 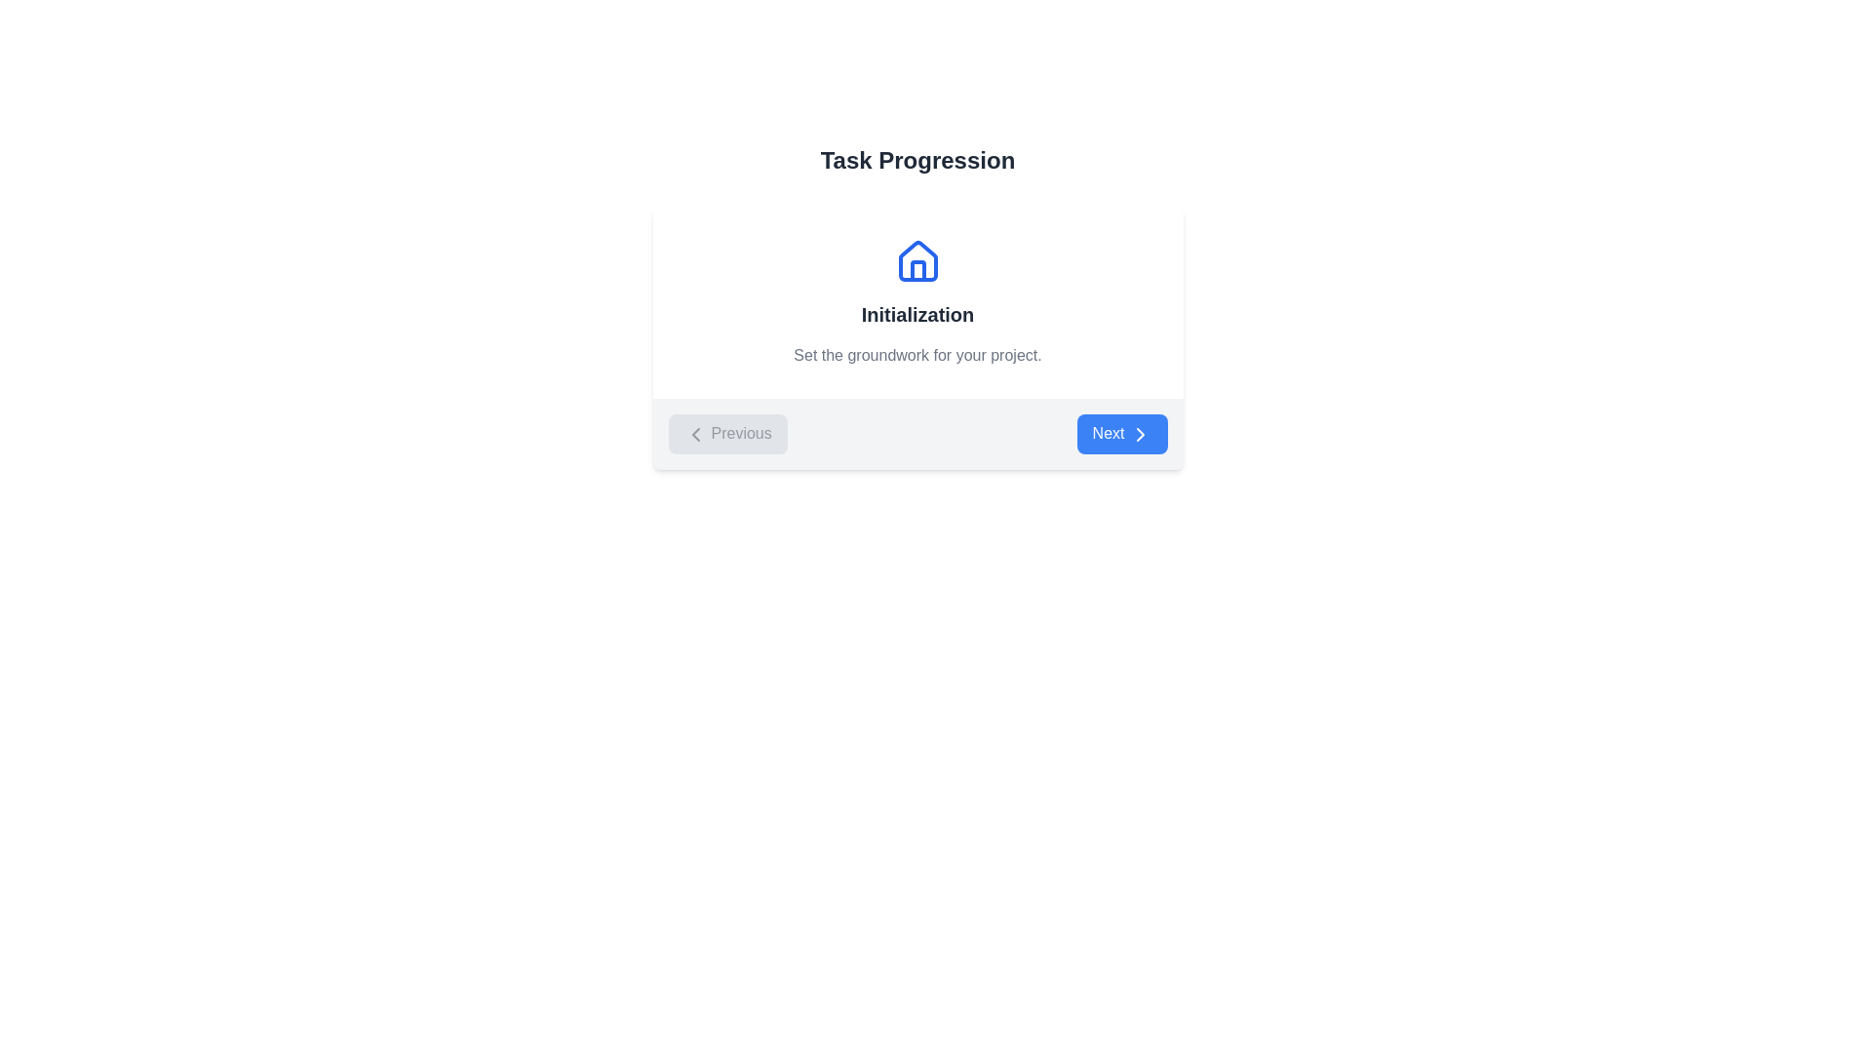 What do you see at coordinates (916, 356) in the screenshot?
I see `the static text label displaying 'Set the groundwork for your project.' which is positioned below the bold title 'Initialization'` at bounding box center [916, 356].